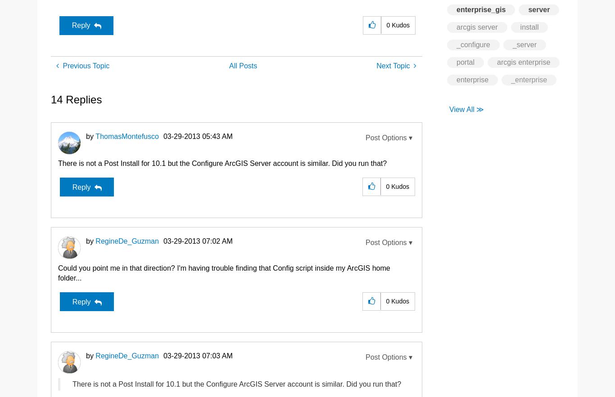 The width and height of the screenshot is (615, 397). What do you see at coordinates (524, 62) in the screenshot?
I see `'arcgis enterprise'` at bounding box center [524, 62].